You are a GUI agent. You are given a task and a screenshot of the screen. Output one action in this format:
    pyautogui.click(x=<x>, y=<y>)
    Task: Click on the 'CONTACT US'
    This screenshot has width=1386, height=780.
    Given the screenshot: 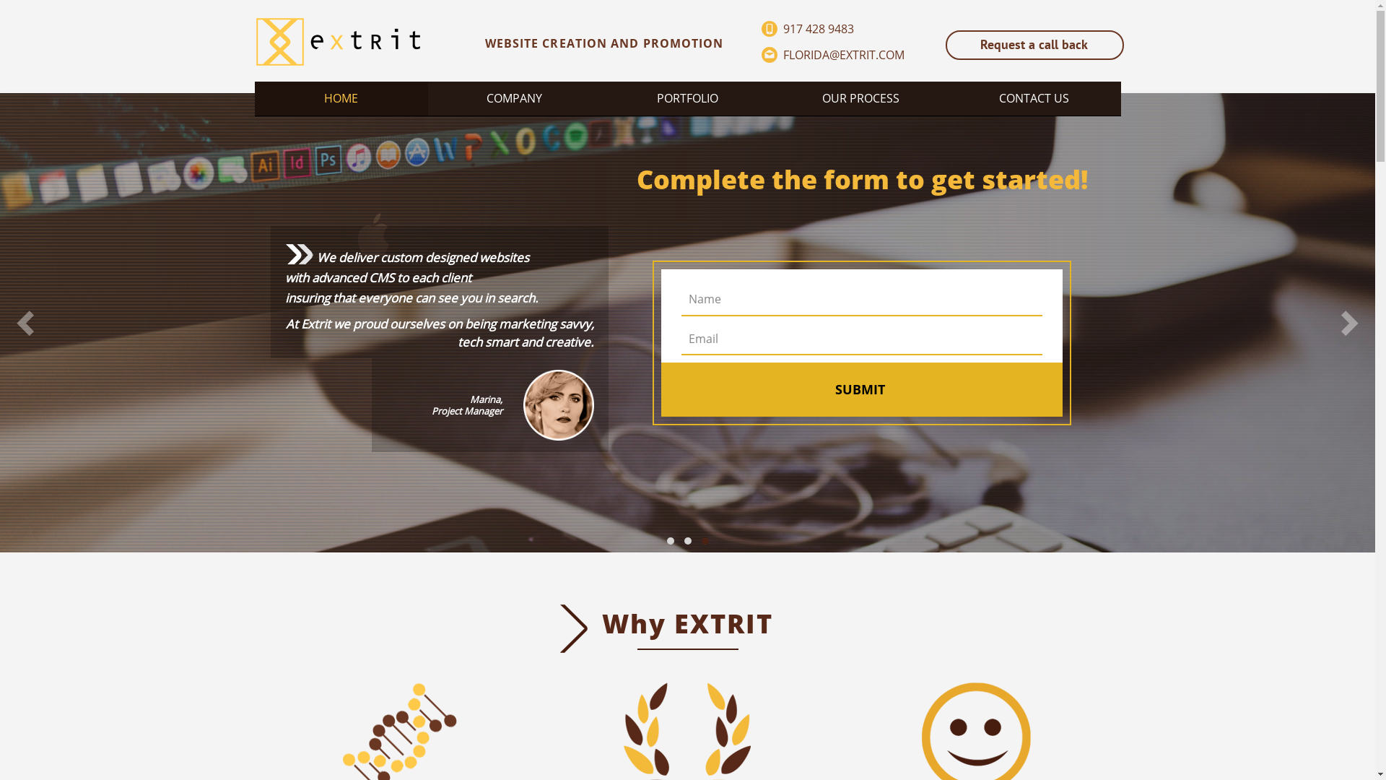 What is the action you would take?
    pyautogui.click(x=1032, y=97)
    